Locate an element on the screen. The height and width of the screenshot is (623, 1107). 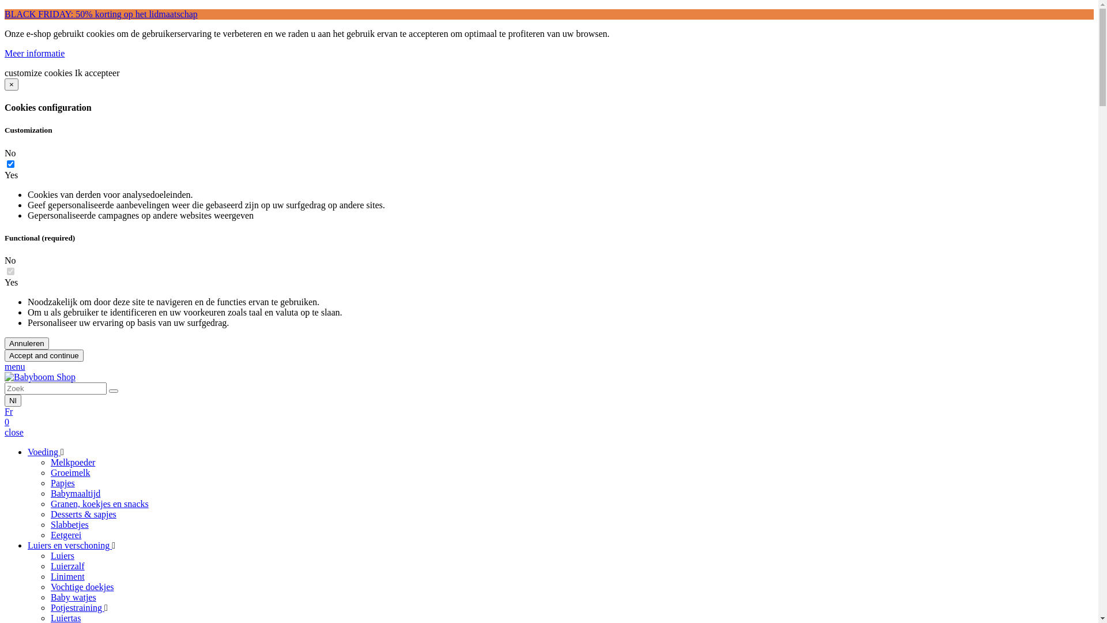
'Groeimelk' is located at coordinates (69, 472).